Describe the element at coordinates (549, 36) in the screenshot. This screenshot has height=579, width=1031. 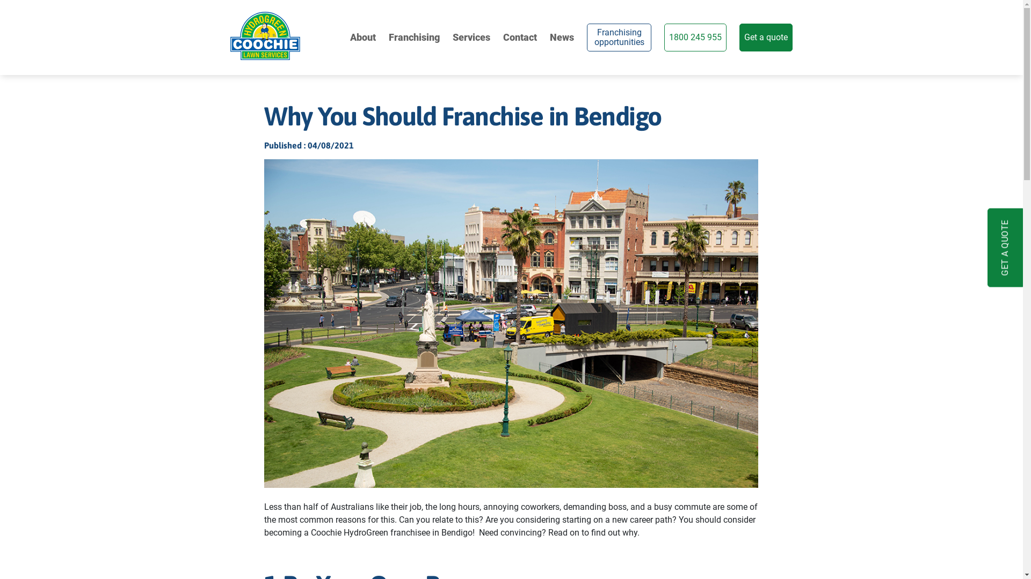
I see `'News'` at that location.